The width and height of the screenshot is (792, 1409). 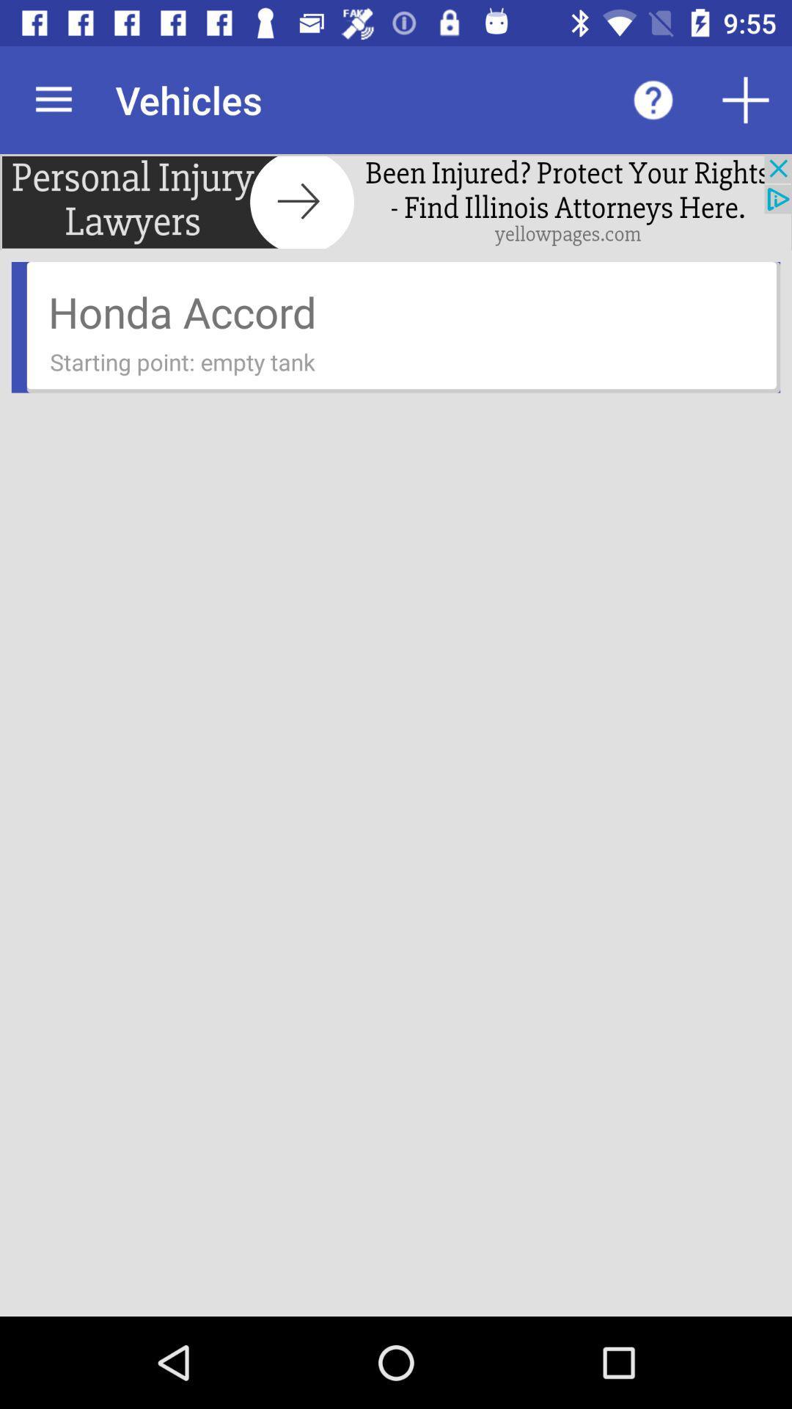 What do you see at coordinates (746, 99) in the screenshot?
I see `autoplay option` at bounding box center [746, 99].